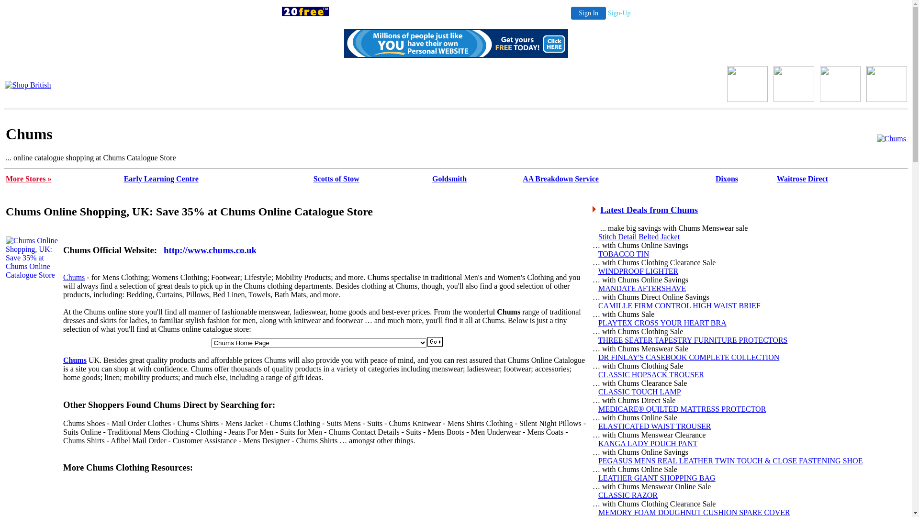 The width and height of the screenshot is (919, 517). Describe the element at coordinates (449, 179) in the screenshot. I see `'Goldsmith'` at that location.